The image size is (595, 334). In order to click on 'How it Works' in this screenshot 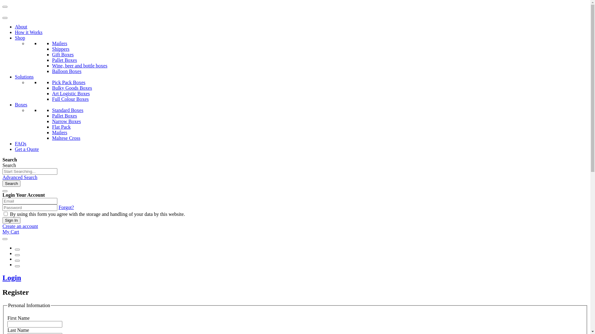, I will do `click(28, 32)`.